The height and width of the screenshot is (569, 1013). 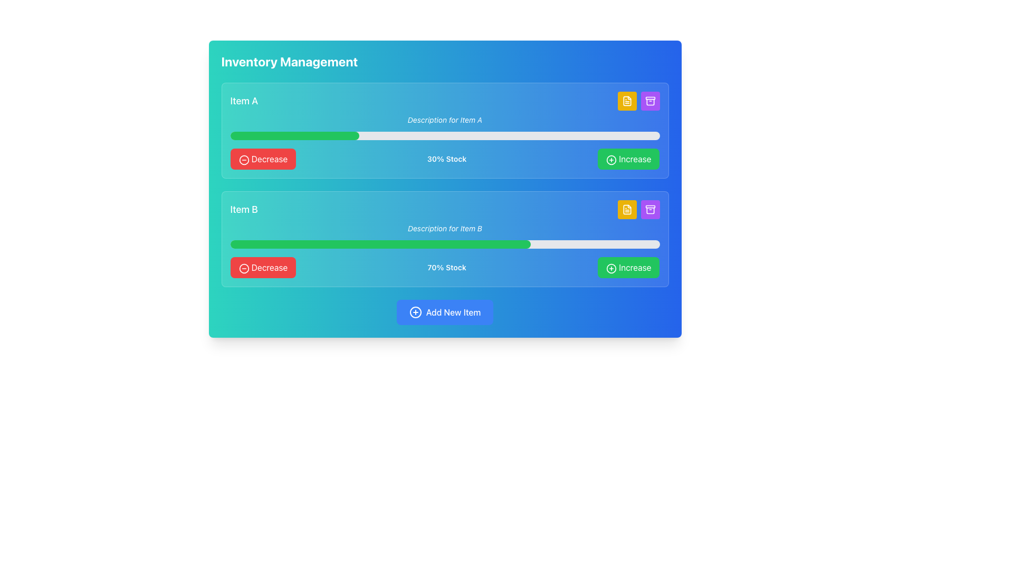 I want to click on the circular icon with a plus symbol inside the green 'Increase' button for Item B to increase the stock, so click(x=611, y=268).